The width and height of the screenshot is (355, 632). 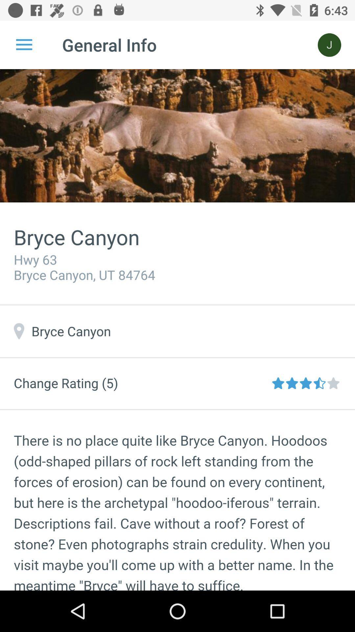 I want to click on icon to the left of general info item, so click(x=24, y=44).